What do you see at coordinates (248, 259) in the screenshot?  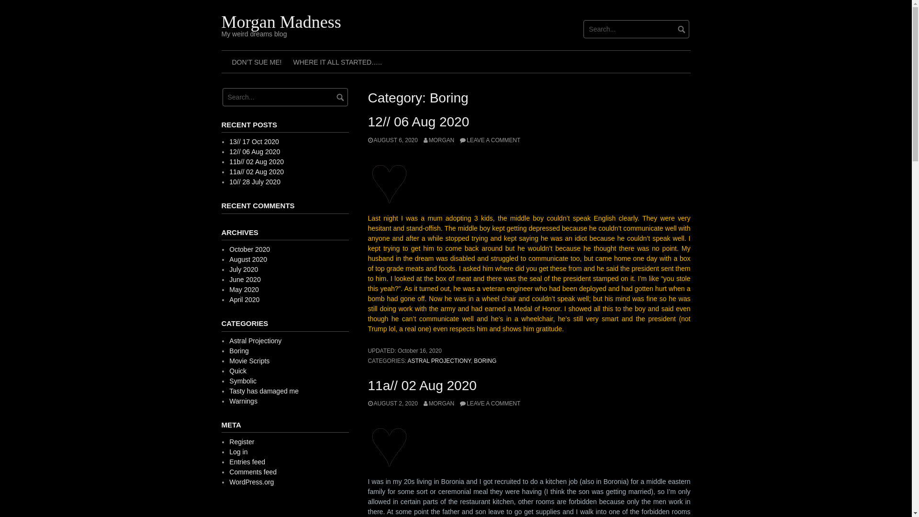 I see `'August 2020'` at bounding box center [248, 259].